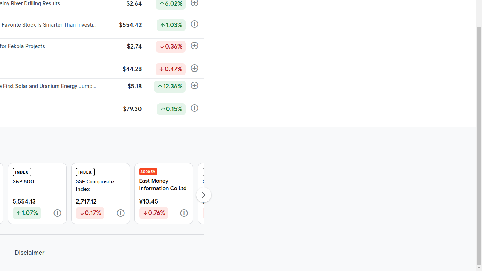  I want to click on 'INDEX SSE Composite Index 2,717.12 Down by 0.17%', so click(100, 193).